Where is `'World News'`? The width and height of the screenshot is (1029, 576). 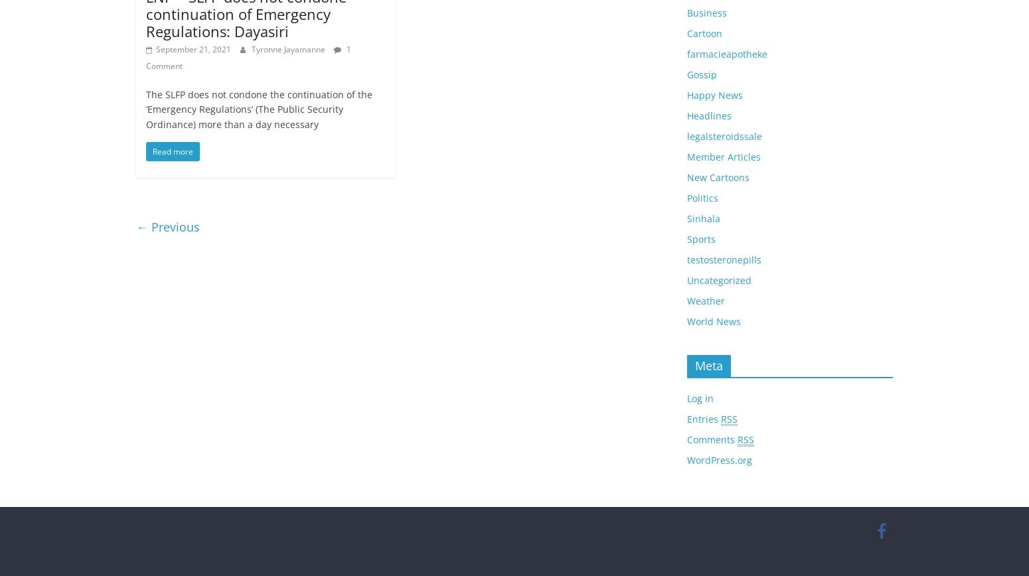
'World News' is located at coordinates (714, 320).